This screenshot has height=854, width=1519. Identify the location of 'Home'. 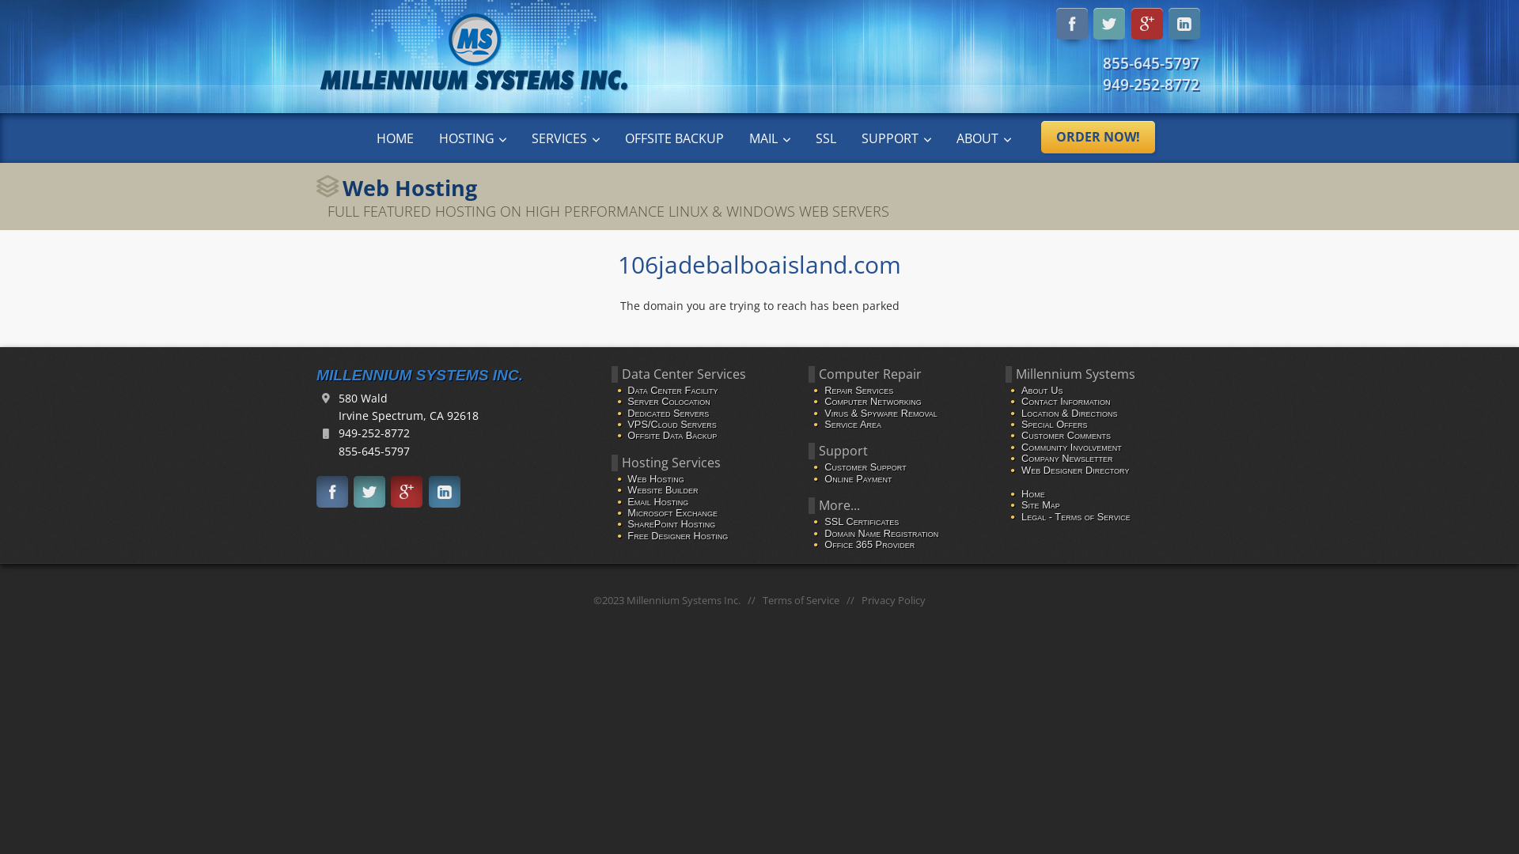
(1032, 493).